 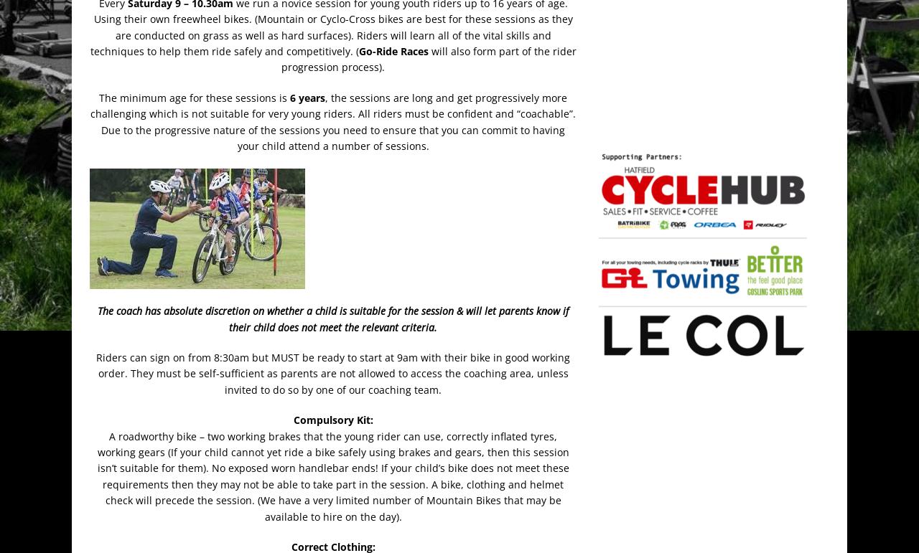 What do you see at coordinates (193, 97) in the screenshot?
I see `'The minimum age for these sessions is'` at bounding box center [193, 97].